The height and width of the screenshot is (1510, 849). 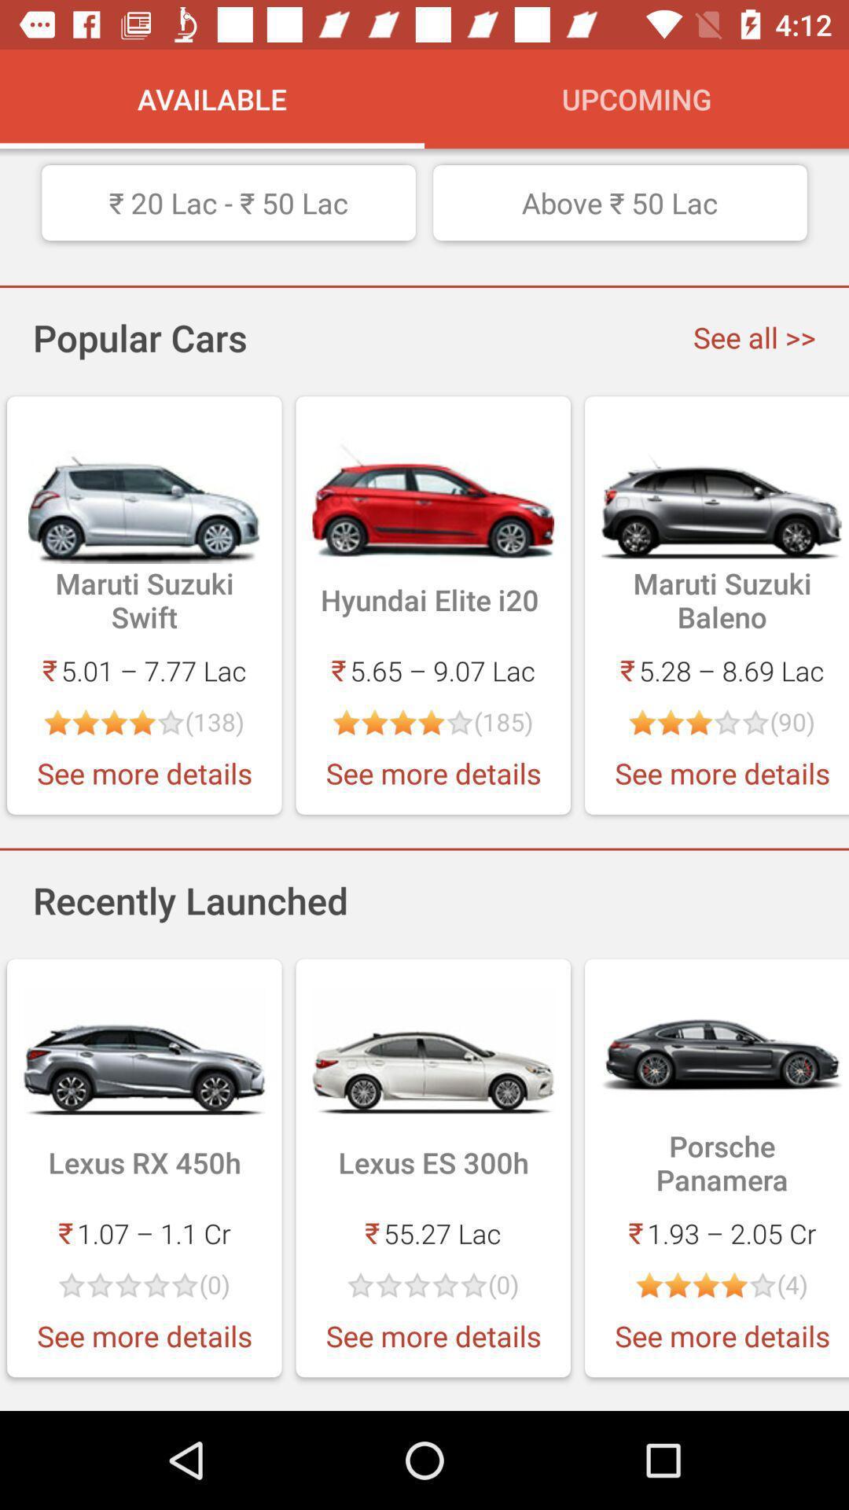 What do you see at coordinates (212, 98) in the screenshot?
I see `item next to the upcoming icon` at bounding box center [212, 98].